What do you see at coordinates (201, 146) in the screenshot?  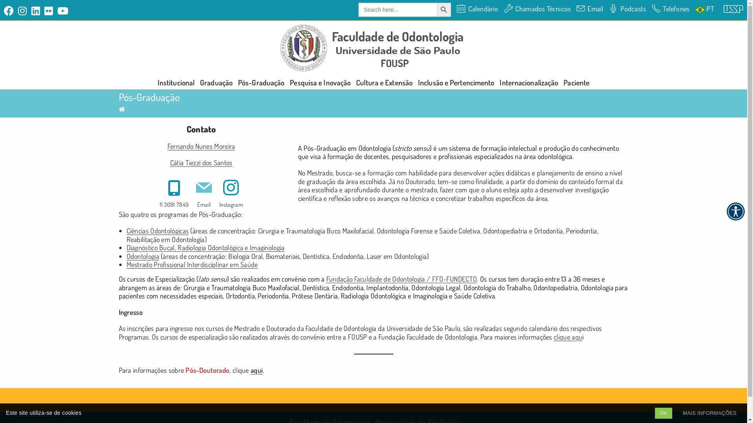 I see `'Fernando Nunes Moreira'` at bounding box center [201, 146].